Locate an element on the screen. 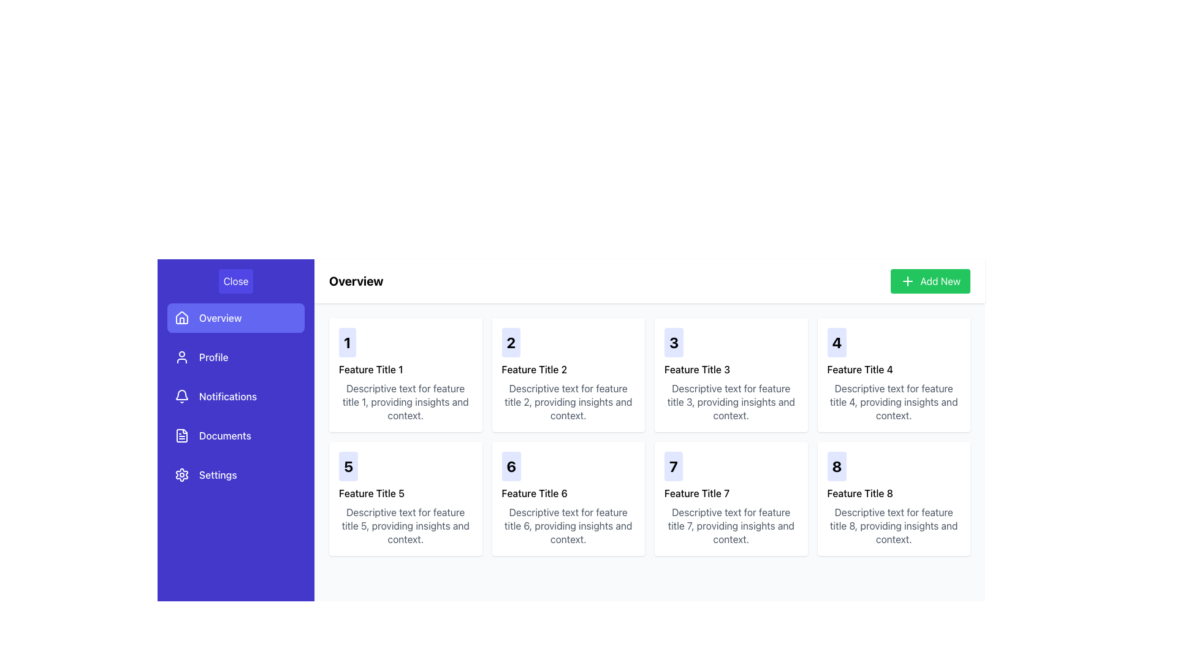 The height and width of the screenshot is (662, 1177). the third navigation menu item for 'Notifications' in the sidebar is located at coordinates (235, 397).